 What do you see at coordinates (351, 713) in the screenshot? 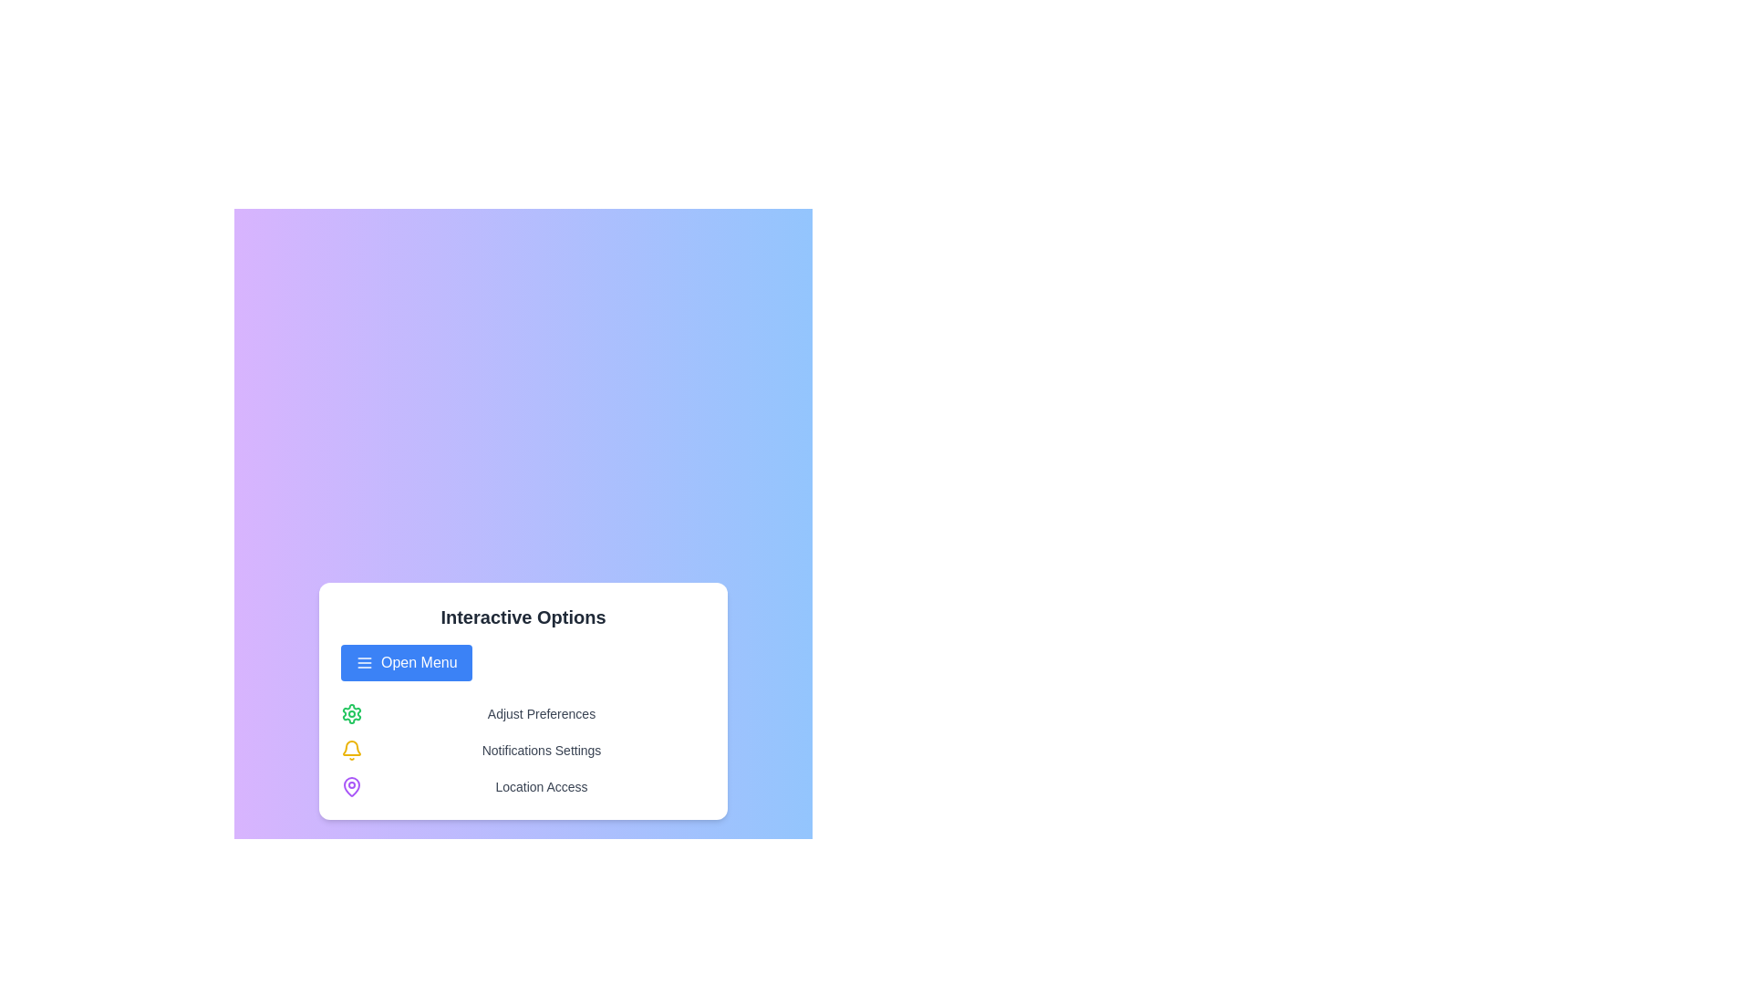
I see `the gear icon located in the top-left corner of the 'Interactive Options' section` at bounding box center [351, 713].